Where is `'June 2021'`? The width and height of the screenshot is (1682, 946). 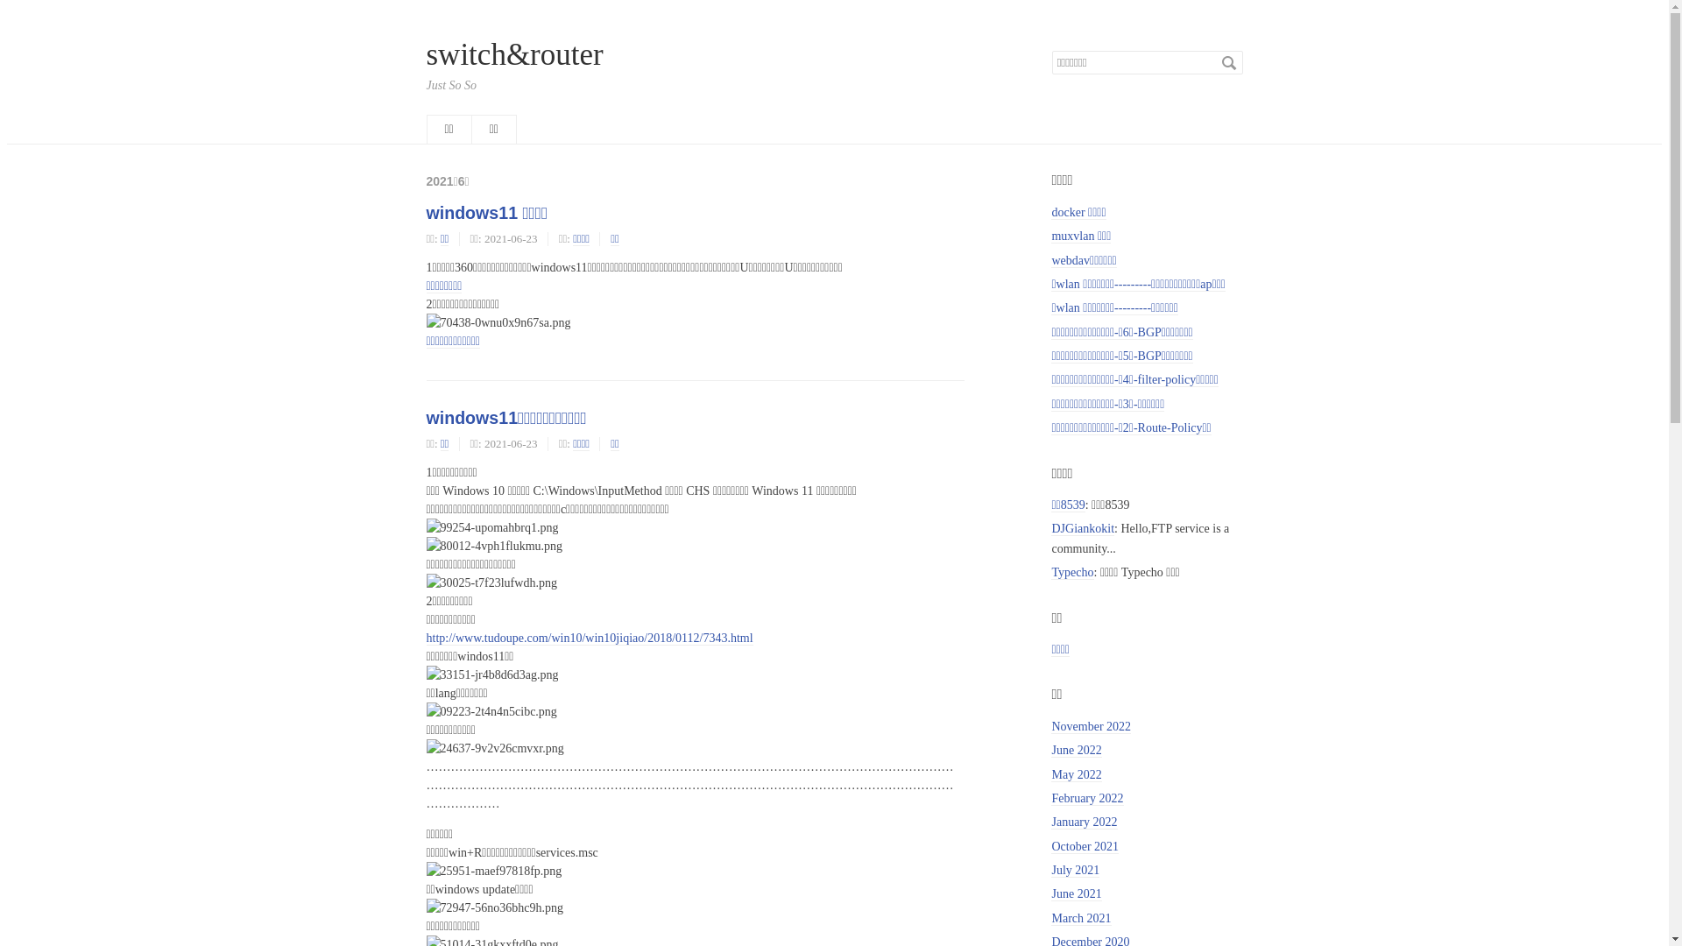
'June 2021' is located at coordinates (1075, 894).